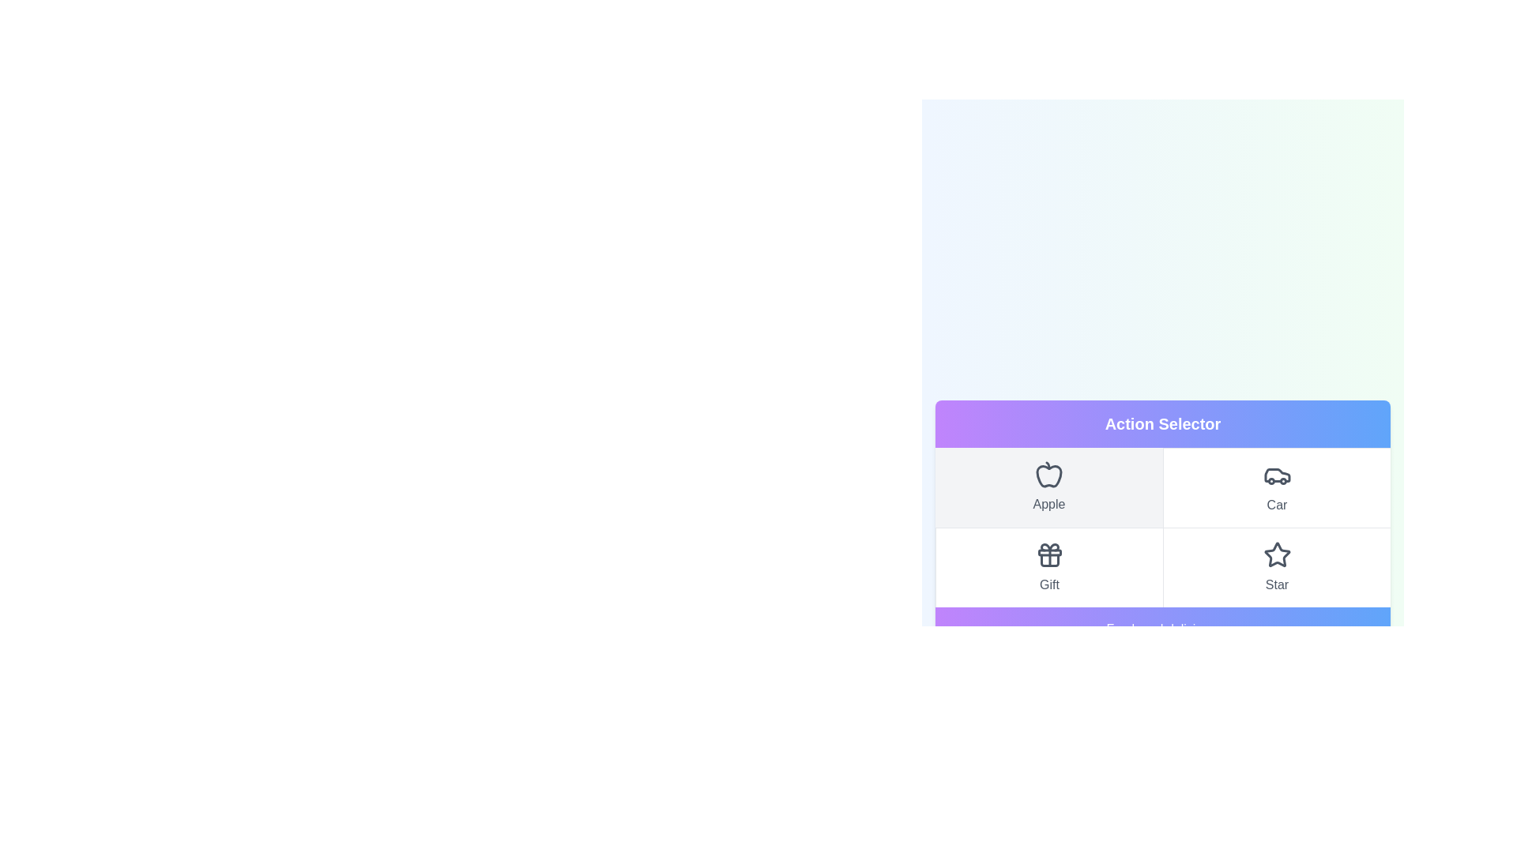 This screenshot has width=1517, height=853. Describe the element at coordinates (1049, 487) in the screenshot. I see `the button labeled 'Apple' in the top-left cell of the 'Action Selector' grid` at that location.